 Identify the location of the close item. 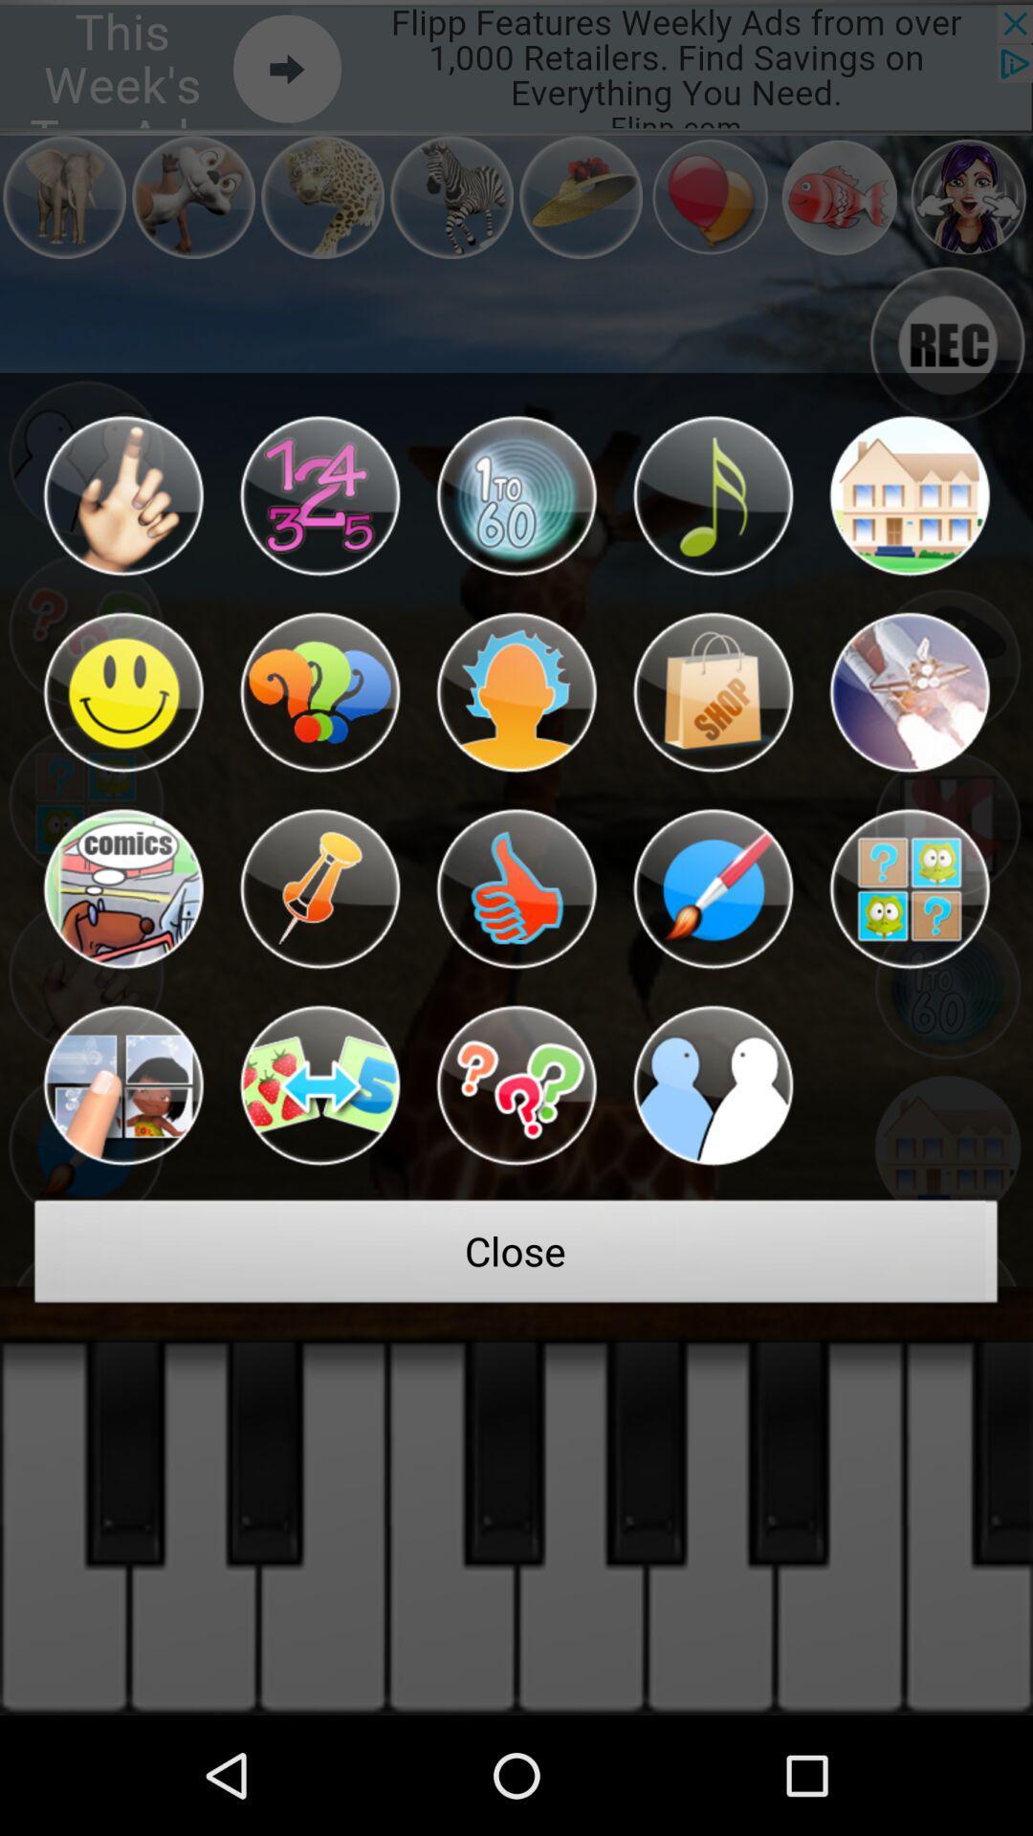
(516, 1257).